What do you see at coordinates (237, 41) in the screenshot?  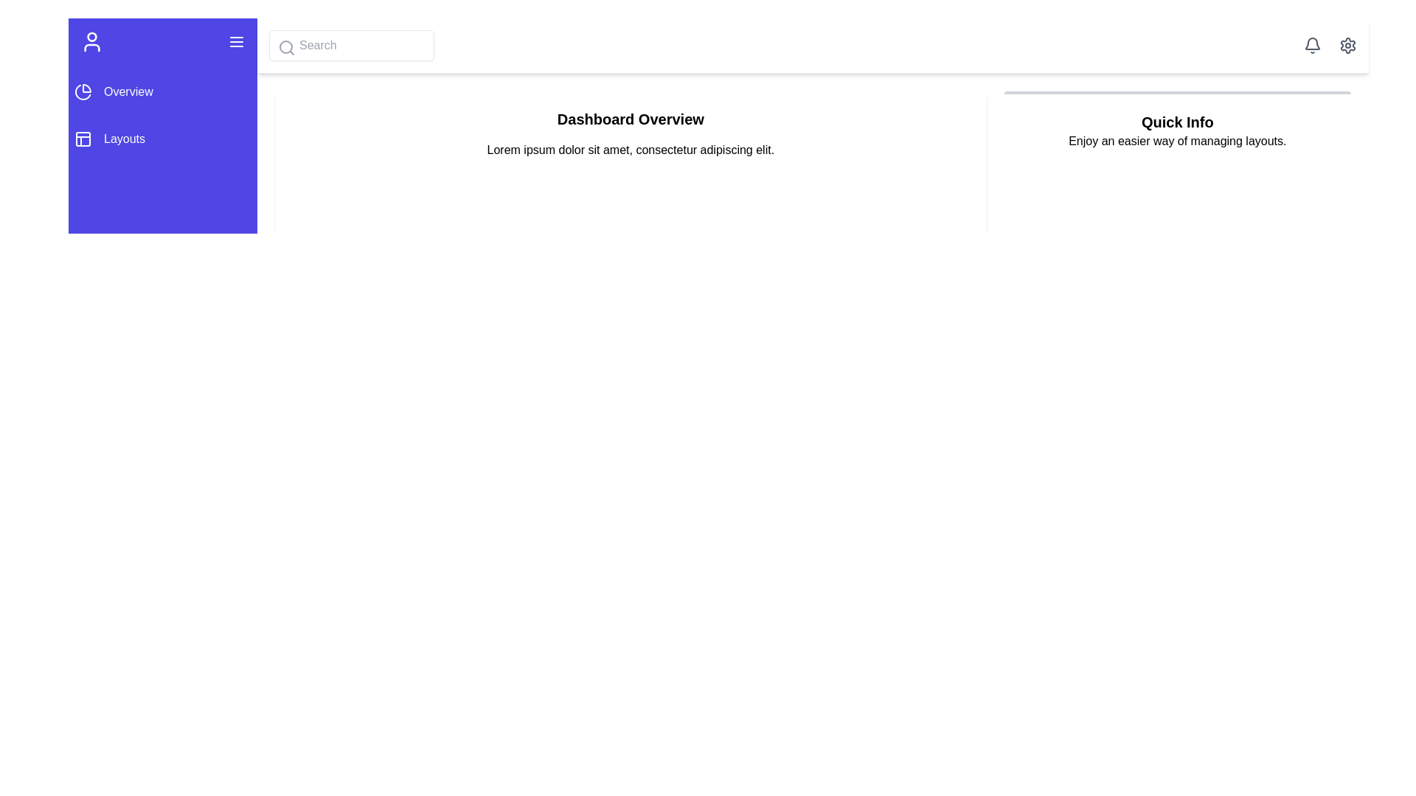 I see `the toggle button located in the top-right corner of the vertical blue navigation bar` at bounding box center [237, 41].